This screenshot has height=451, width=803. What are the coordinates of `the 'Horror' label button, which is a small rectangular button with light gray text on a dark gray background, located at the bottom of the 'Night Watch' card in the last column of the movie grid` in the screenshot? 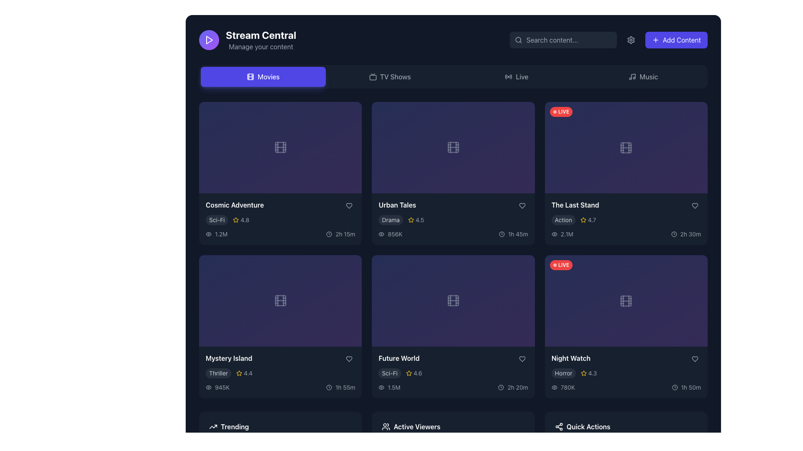 It's located at (563, 373).